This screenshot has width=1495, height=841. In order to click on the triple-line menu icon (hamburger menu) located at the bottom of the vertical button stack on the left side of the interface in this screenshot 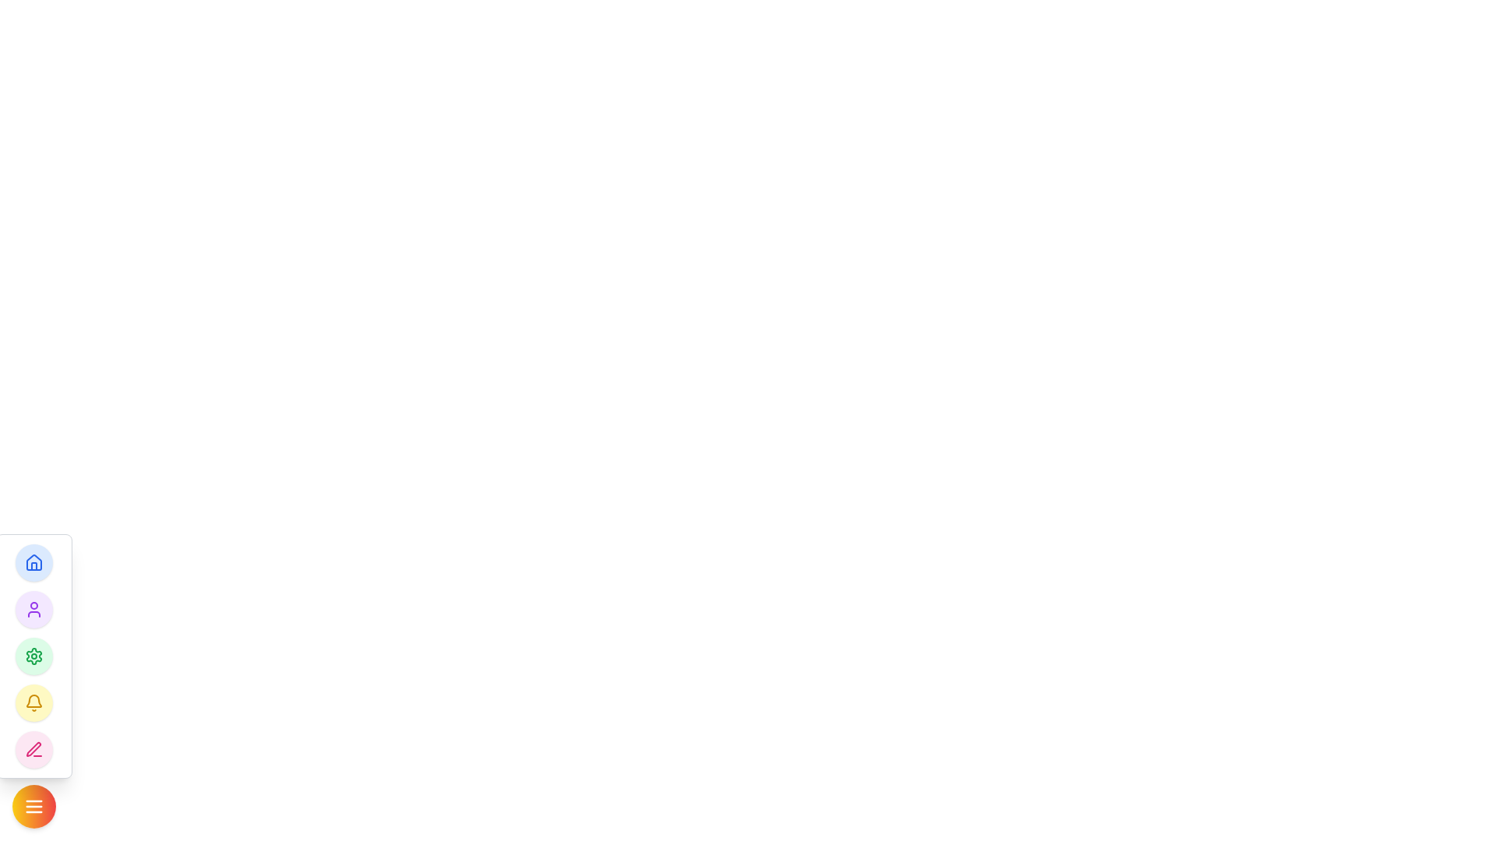, I will do `click(33, 806)`.